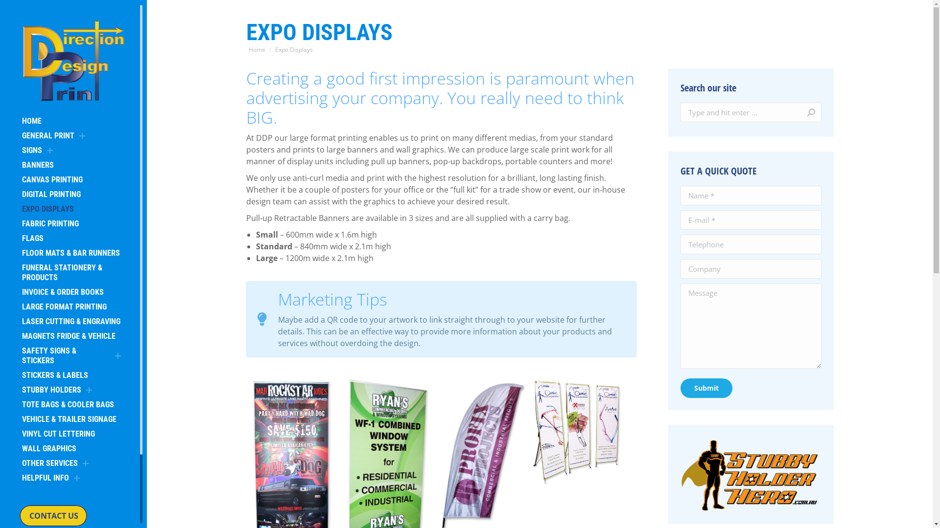 This screenshot has width=940, height=528. What do you see at coordinates (19, 390) in the screenshot?
I see `'STUBBY HOLDERS'` at bounding box center [19, 390].